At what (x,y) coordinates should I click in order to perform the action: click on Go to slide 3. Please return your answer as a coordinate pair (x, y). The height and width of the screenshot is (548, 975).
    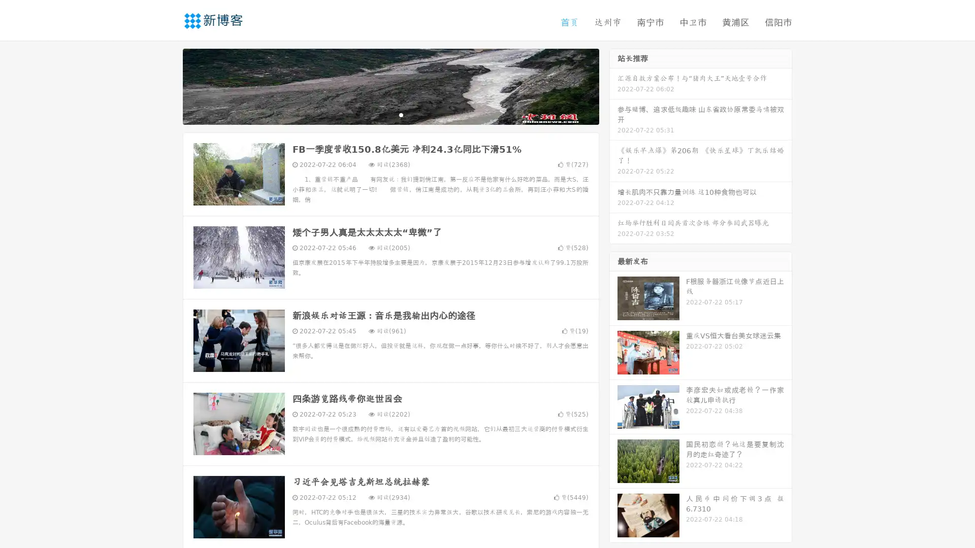
    Looking at the image, I should click on (401, 114).